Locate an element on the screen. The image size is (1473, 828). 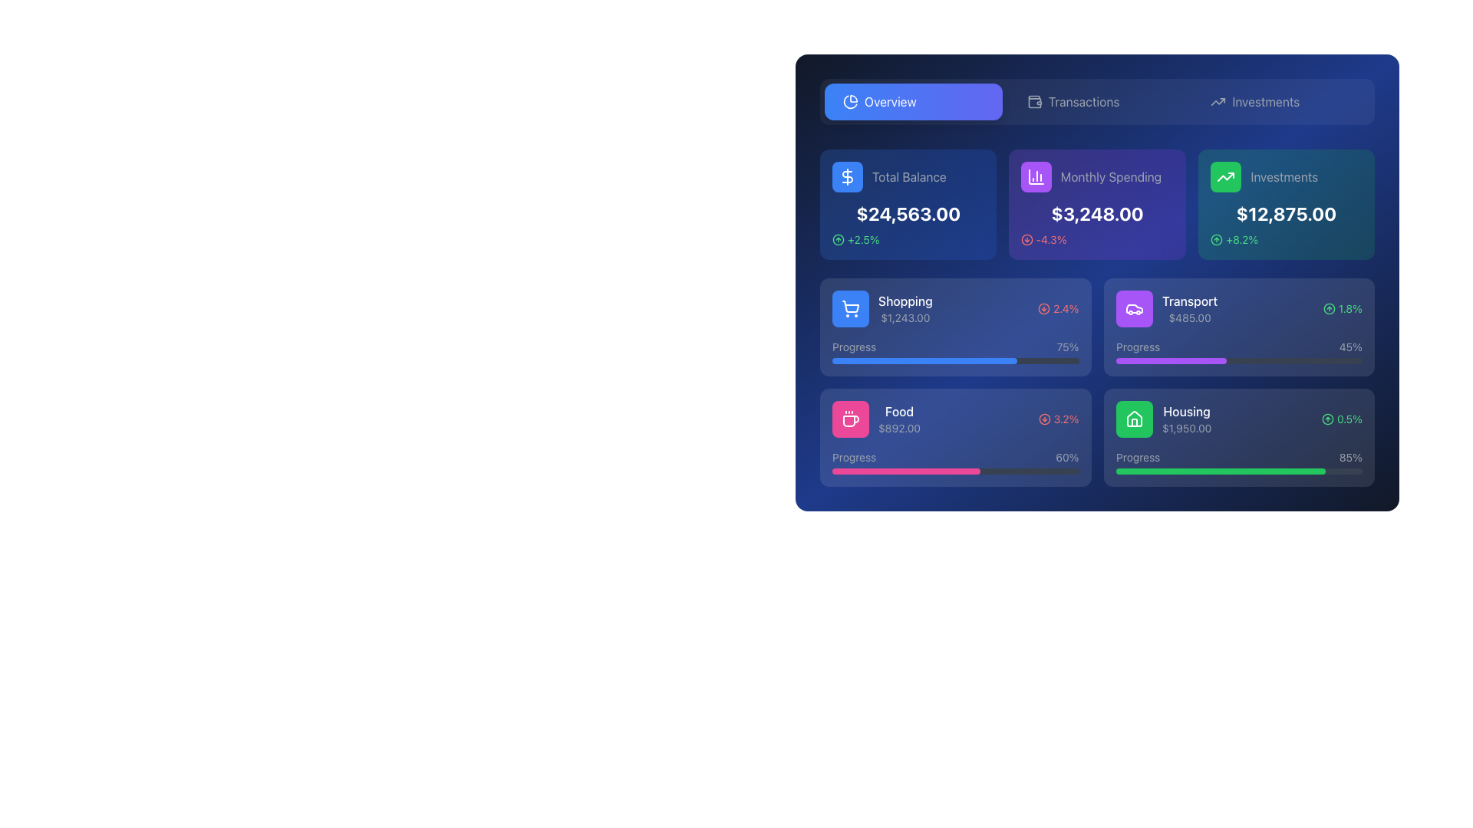
the Circular SVG graphical element that serves as a visual icon or indicator component, located towards the center-right of the interface is located at coordinates (1043, 419).